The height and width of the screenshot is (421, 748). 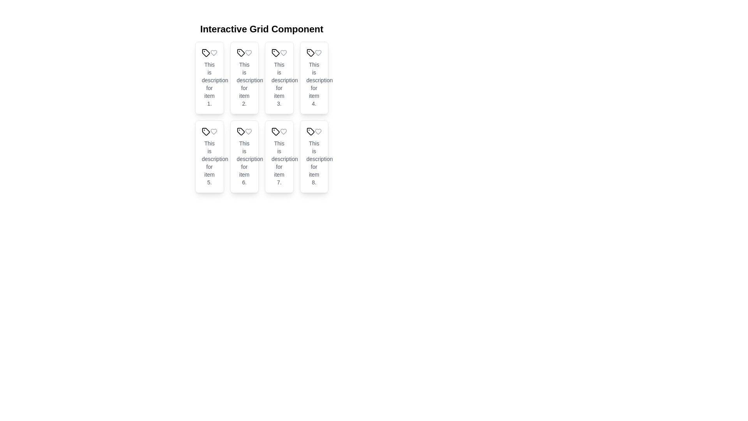 I want to click on descriptive text label that contains 'This is description for item 7.' located in the seventh tile of the grid layout, positioned below the icon and title, so click(x=279, y=162).